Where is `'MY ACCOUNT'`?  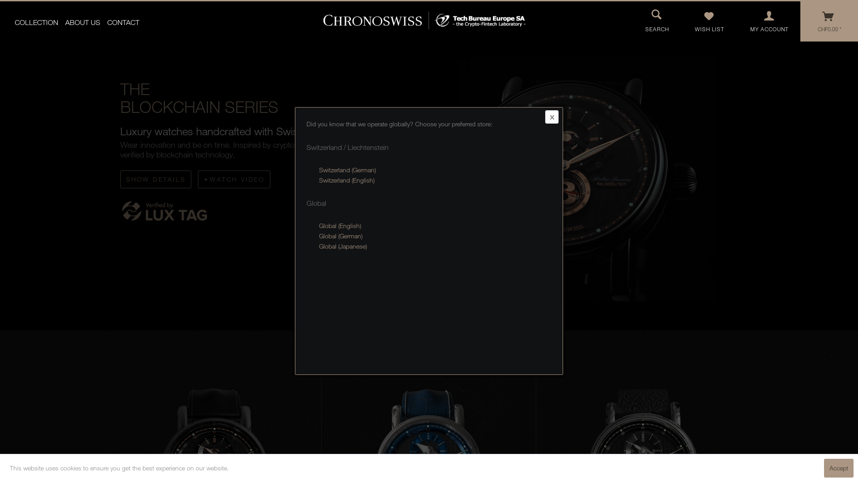 'MY ACCOUNT' is located at coordinates (769, 21).